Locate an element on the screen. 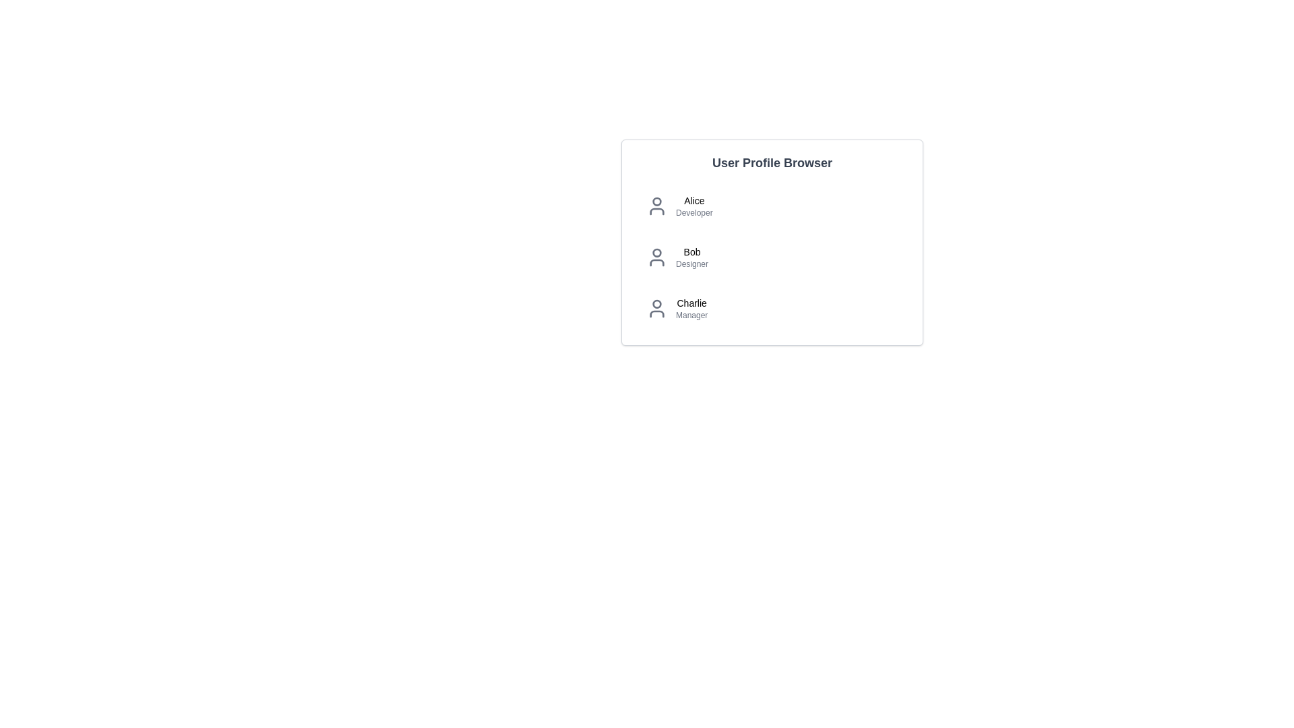 The width and height of the screenshot is (1294, 728). the lower curved stroke of the user icon which is part of the SVG structure representing the user icon next to 'Alice Developer' is located at coordinates (656, 211).